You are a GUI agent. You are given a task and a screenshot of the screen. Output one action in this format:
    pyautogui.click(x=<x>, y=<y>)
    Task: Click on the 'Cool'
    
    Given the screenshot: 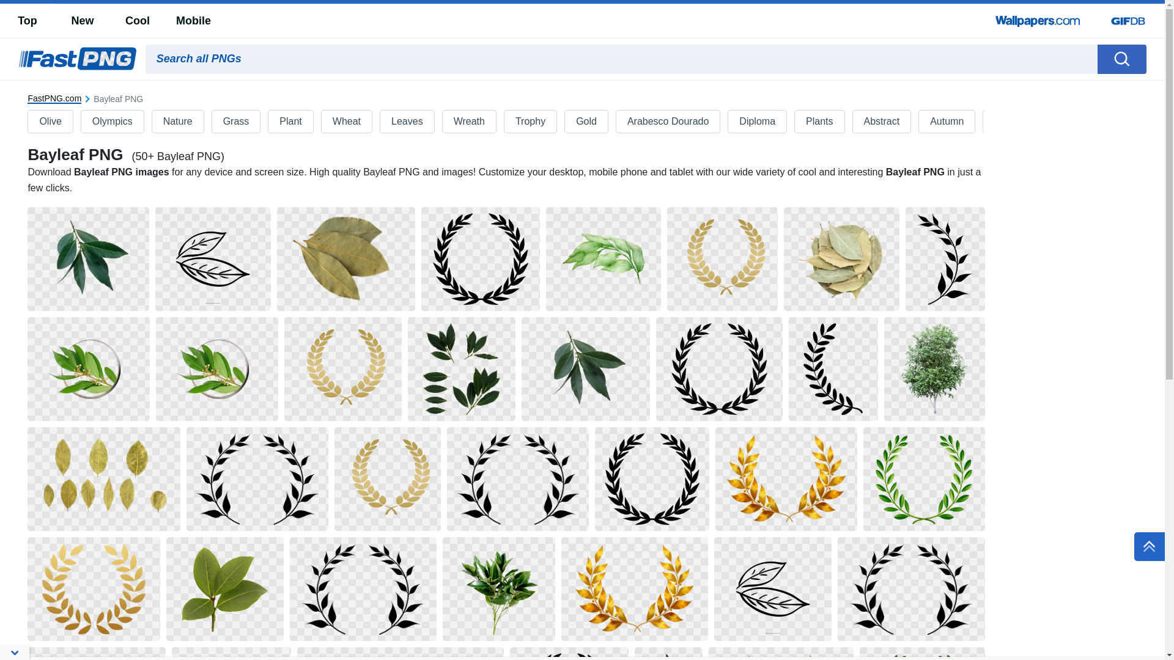 What is the action you would take?
    pyautogui.click(x=138, y=21)
    